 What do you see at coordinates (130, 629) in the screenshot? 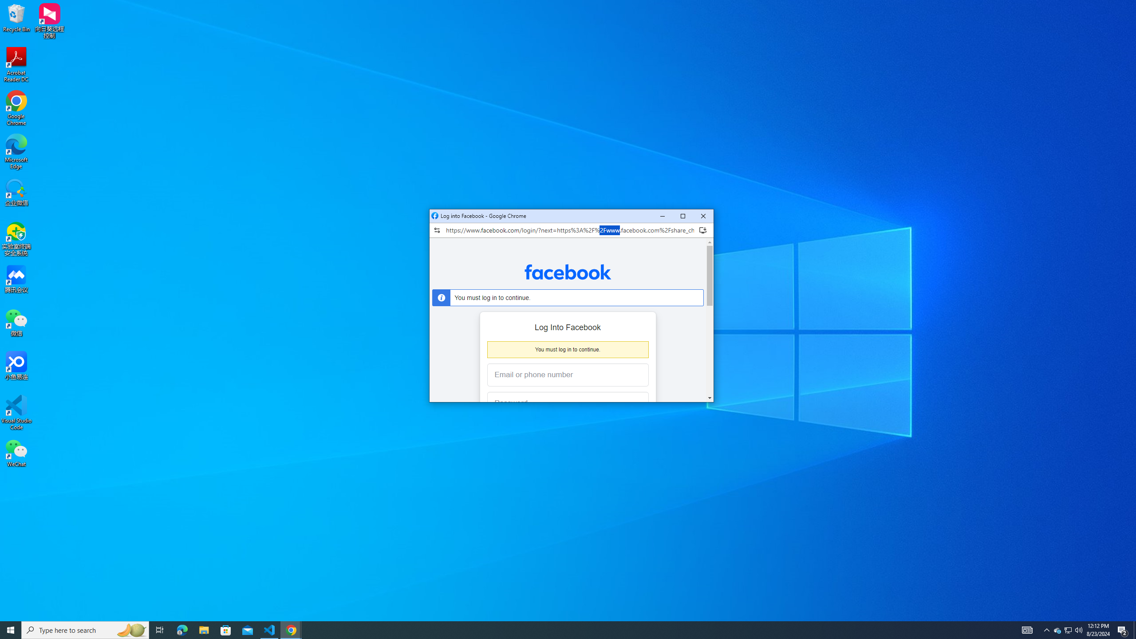
I see `'Search highlights icon opens search home window'` at bounding box center [130, 629].